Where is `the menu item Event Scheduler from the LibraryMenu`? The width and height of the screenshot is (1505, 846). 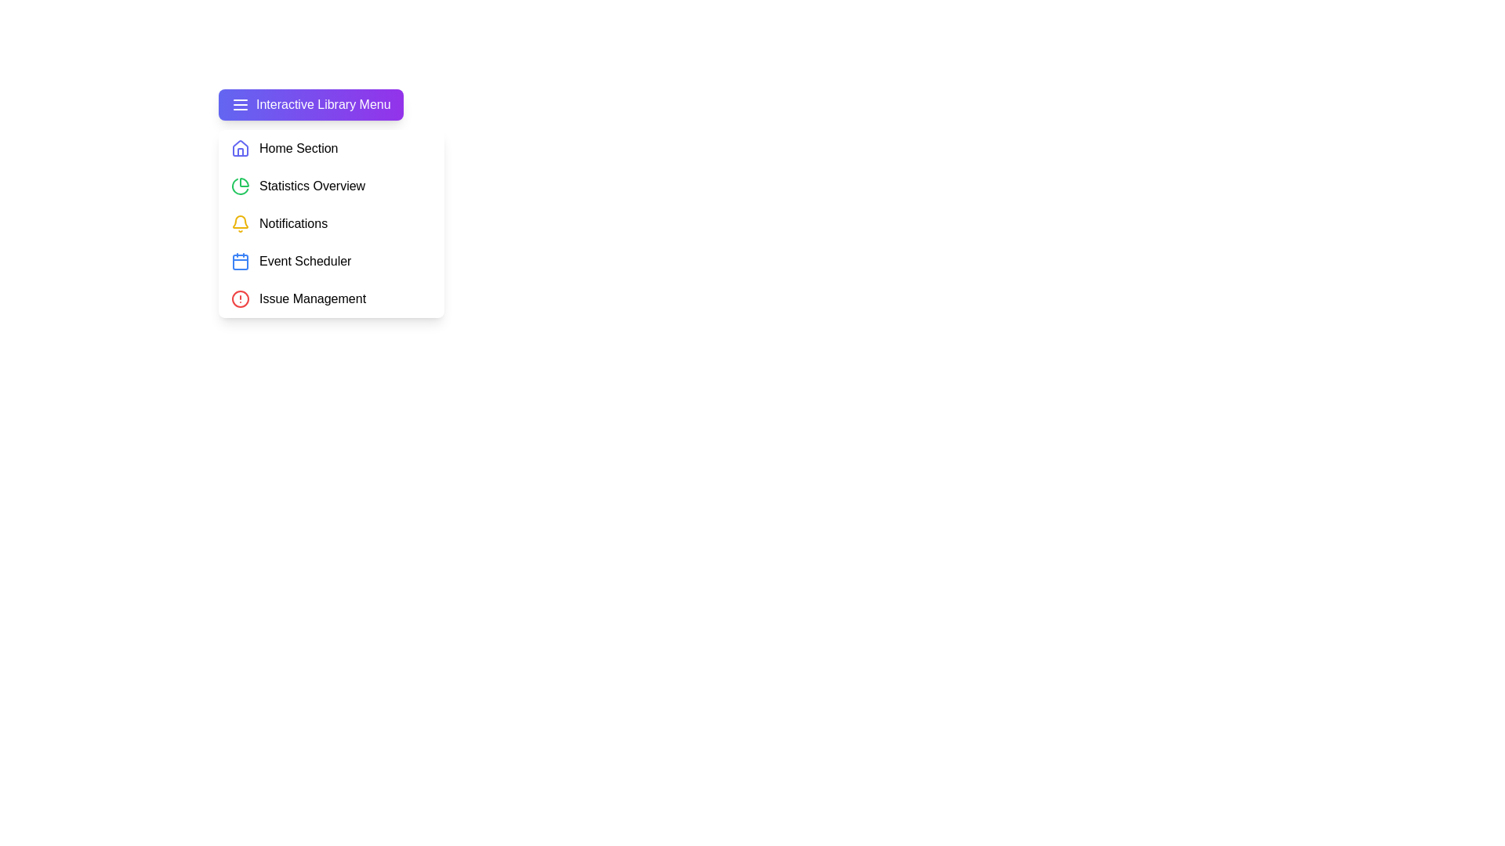 the menu item Event Scheduler from the LibraryMenu is located at coordinates (330, 261).